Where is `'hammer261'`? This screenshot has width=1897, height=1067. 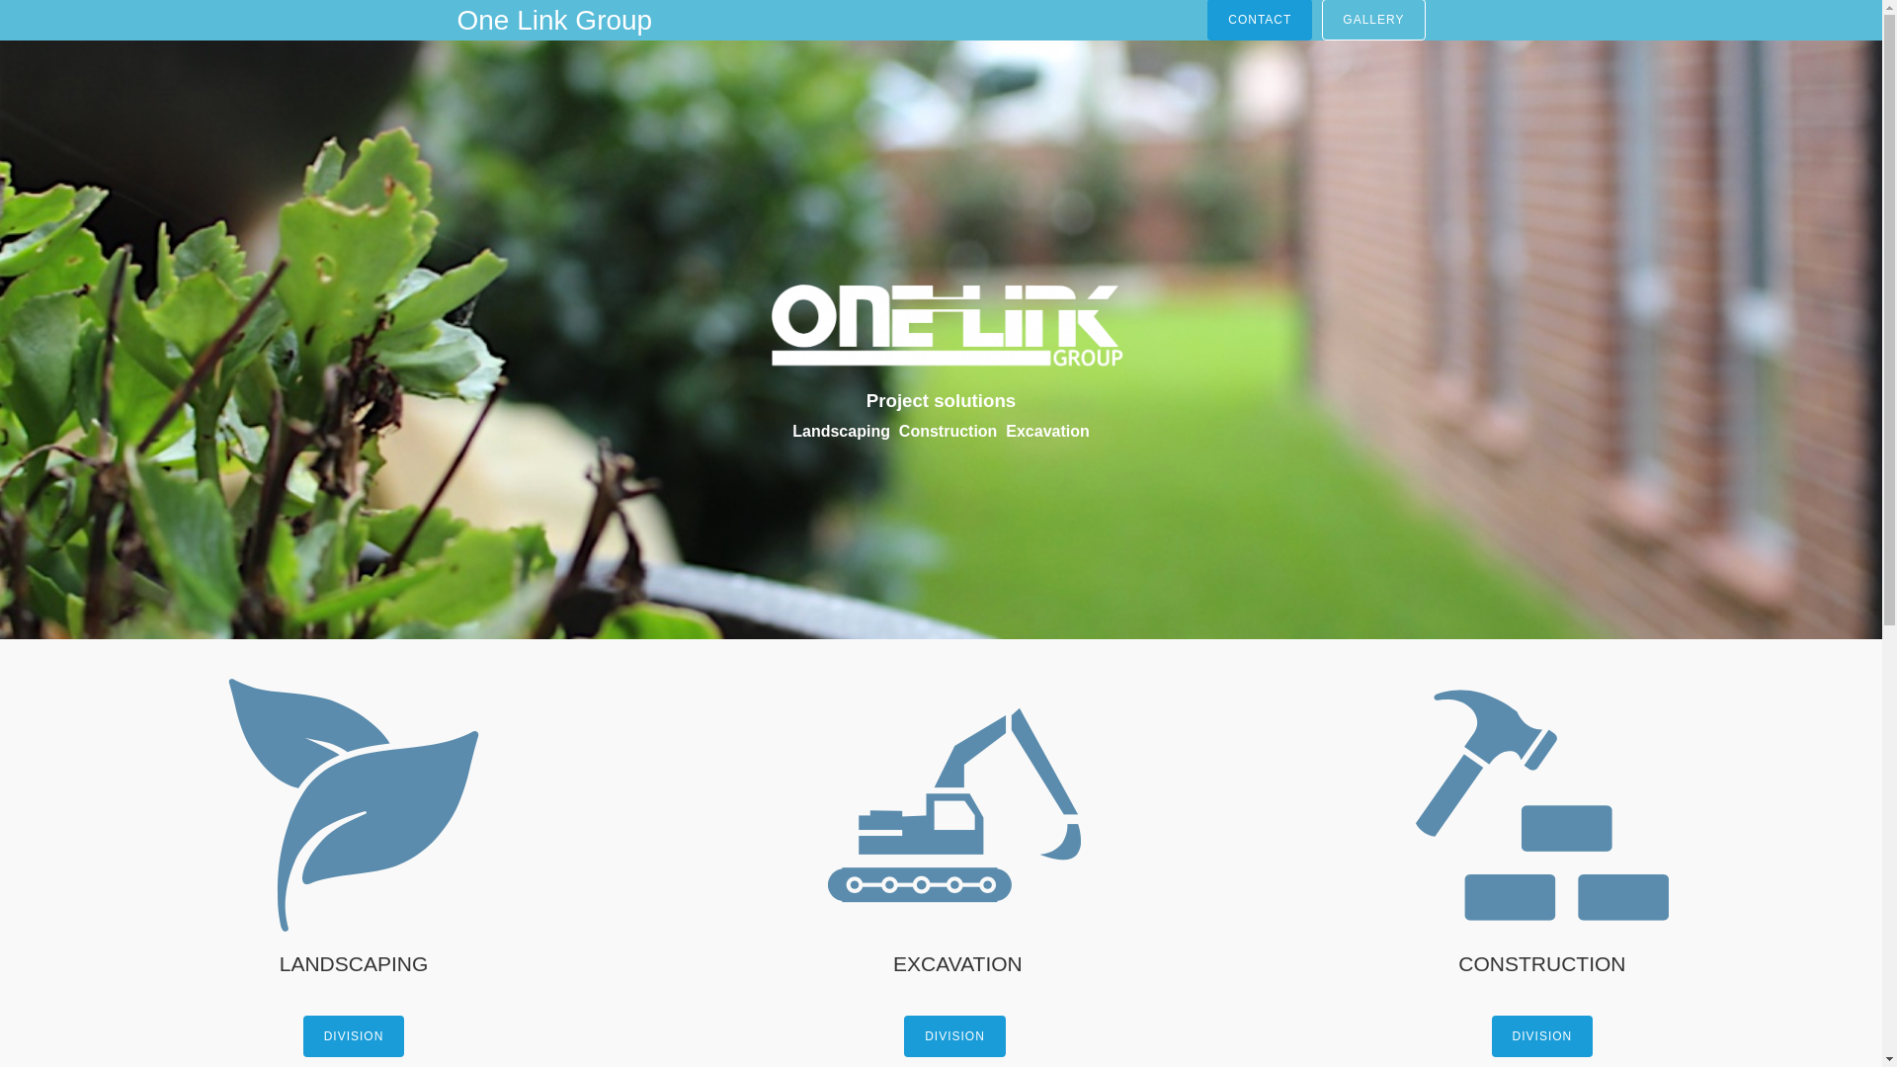 'hammer261' is located at coordinates (1415, 804).